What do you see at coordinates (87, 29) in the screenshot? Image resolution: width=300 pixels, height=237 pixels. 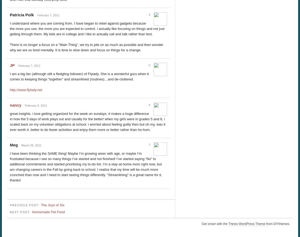 I see `'I understand where you are coming from.  I have began to rebel against gadgets because the more you use, the more you are expected to control. I actually like focusing on things and not just getting through them.  My kids are in college and I like to actually call and talk  rather than text.'` at bounding box center [87, 29].